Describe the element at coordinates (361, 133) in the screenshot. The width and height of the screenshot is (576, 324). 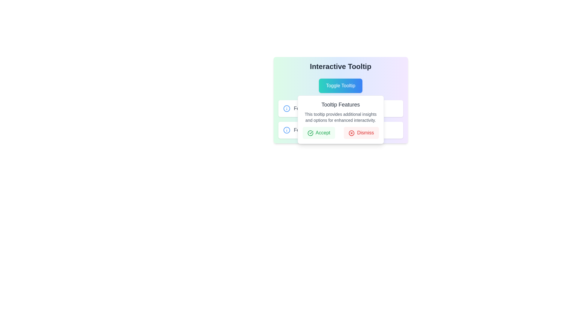
I see `the red-themed 'Dismiss' button with rounded edges, which features a red 'X' icon to activate hover effects` at that location.